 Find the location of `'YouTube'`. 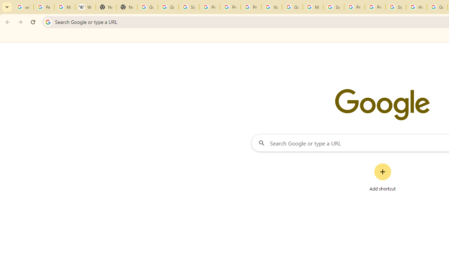

'YouTube' is located at coordinates (271, 7).